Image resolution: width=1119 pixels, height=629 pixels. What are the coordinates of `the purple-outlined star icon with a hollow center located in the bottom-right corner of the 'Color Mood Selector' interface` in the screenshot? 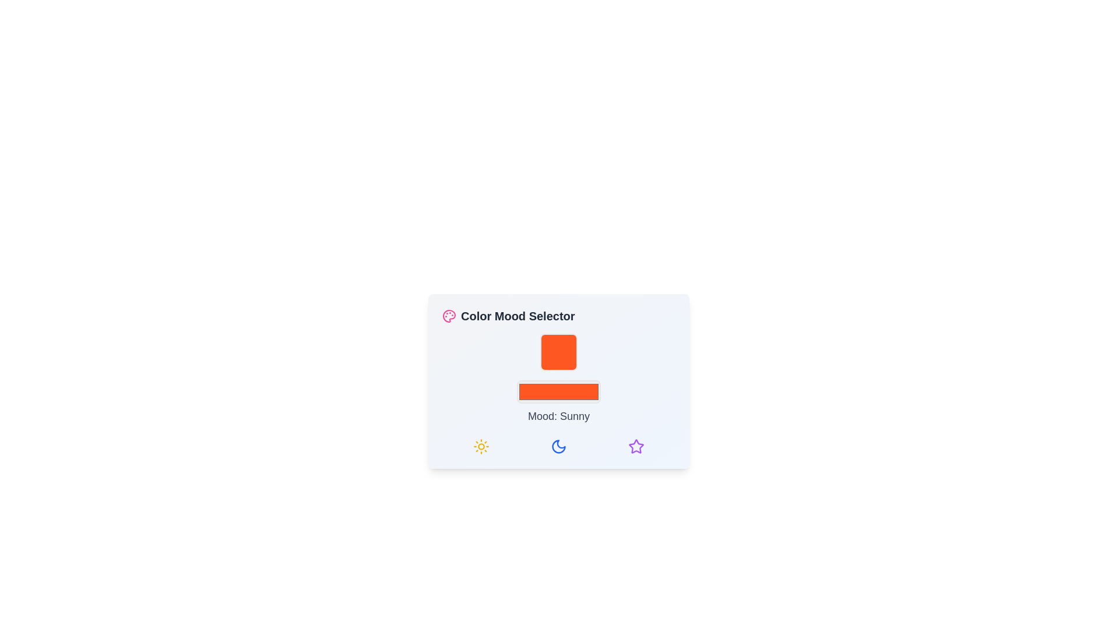 It's located at (636, 446).